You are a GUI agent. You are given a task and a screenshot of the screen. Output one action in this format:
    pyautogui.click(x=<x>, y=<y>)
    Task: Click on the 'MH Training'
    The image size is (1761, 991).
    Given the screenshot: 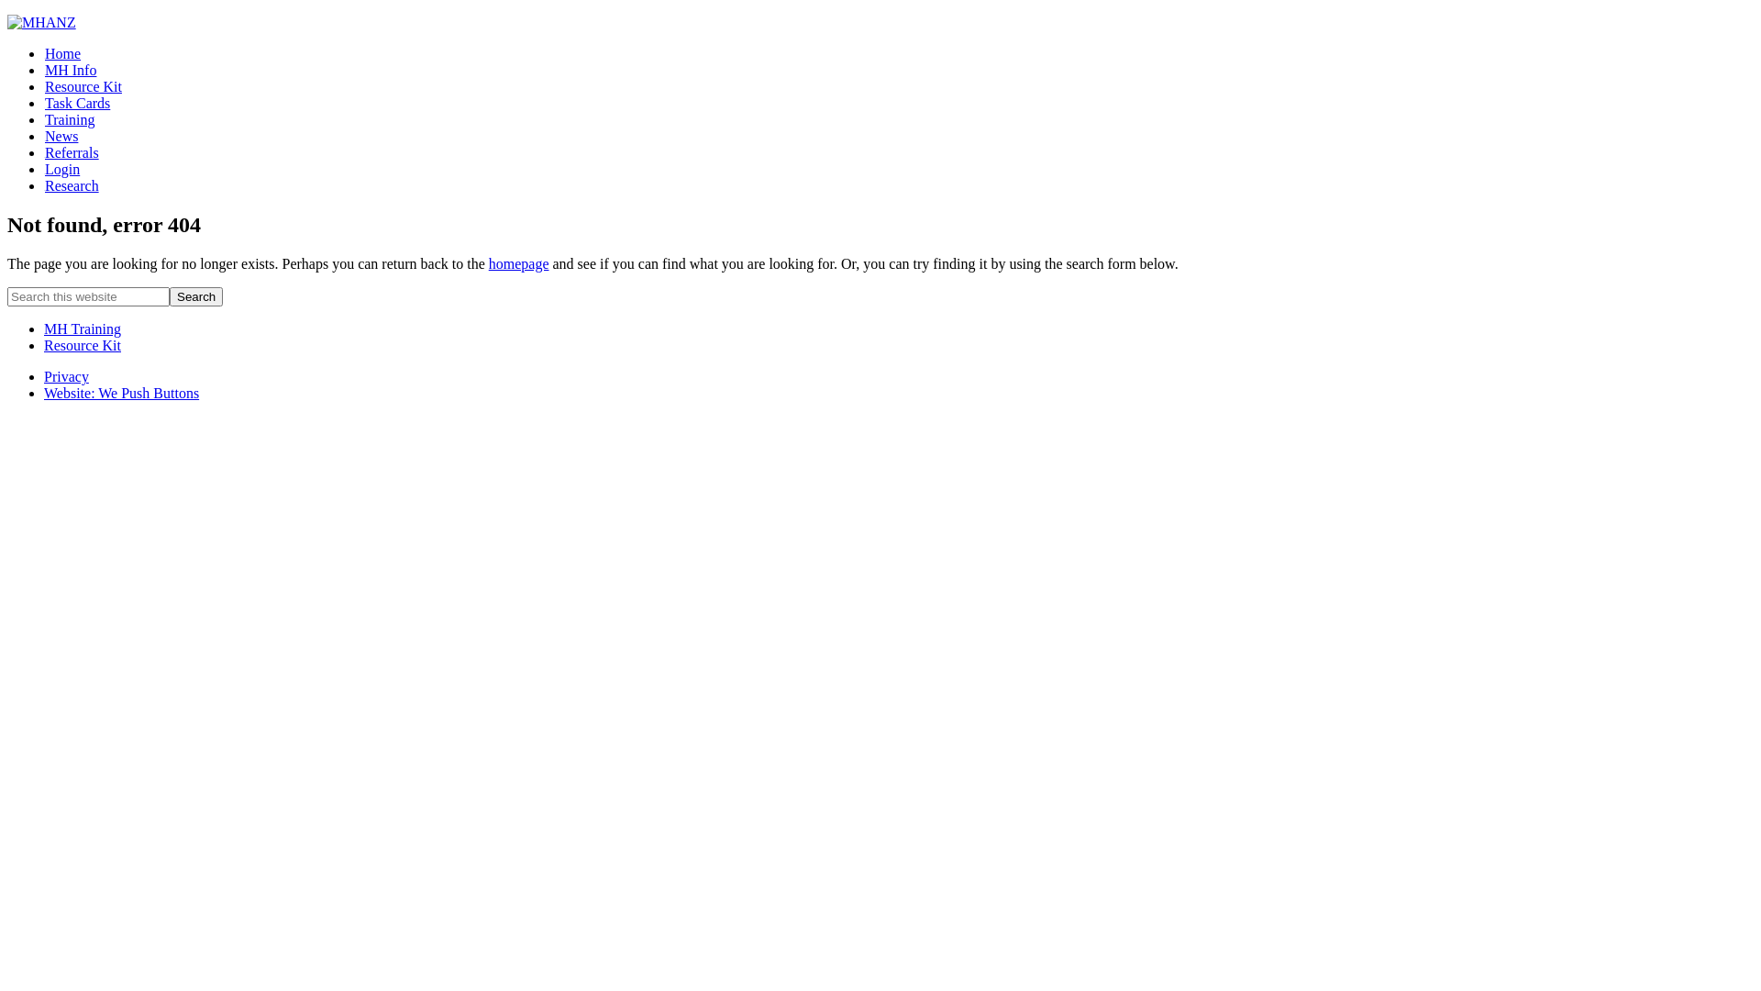 What is the action you would take?
    pyautogui.click(x=82, y=328)
    